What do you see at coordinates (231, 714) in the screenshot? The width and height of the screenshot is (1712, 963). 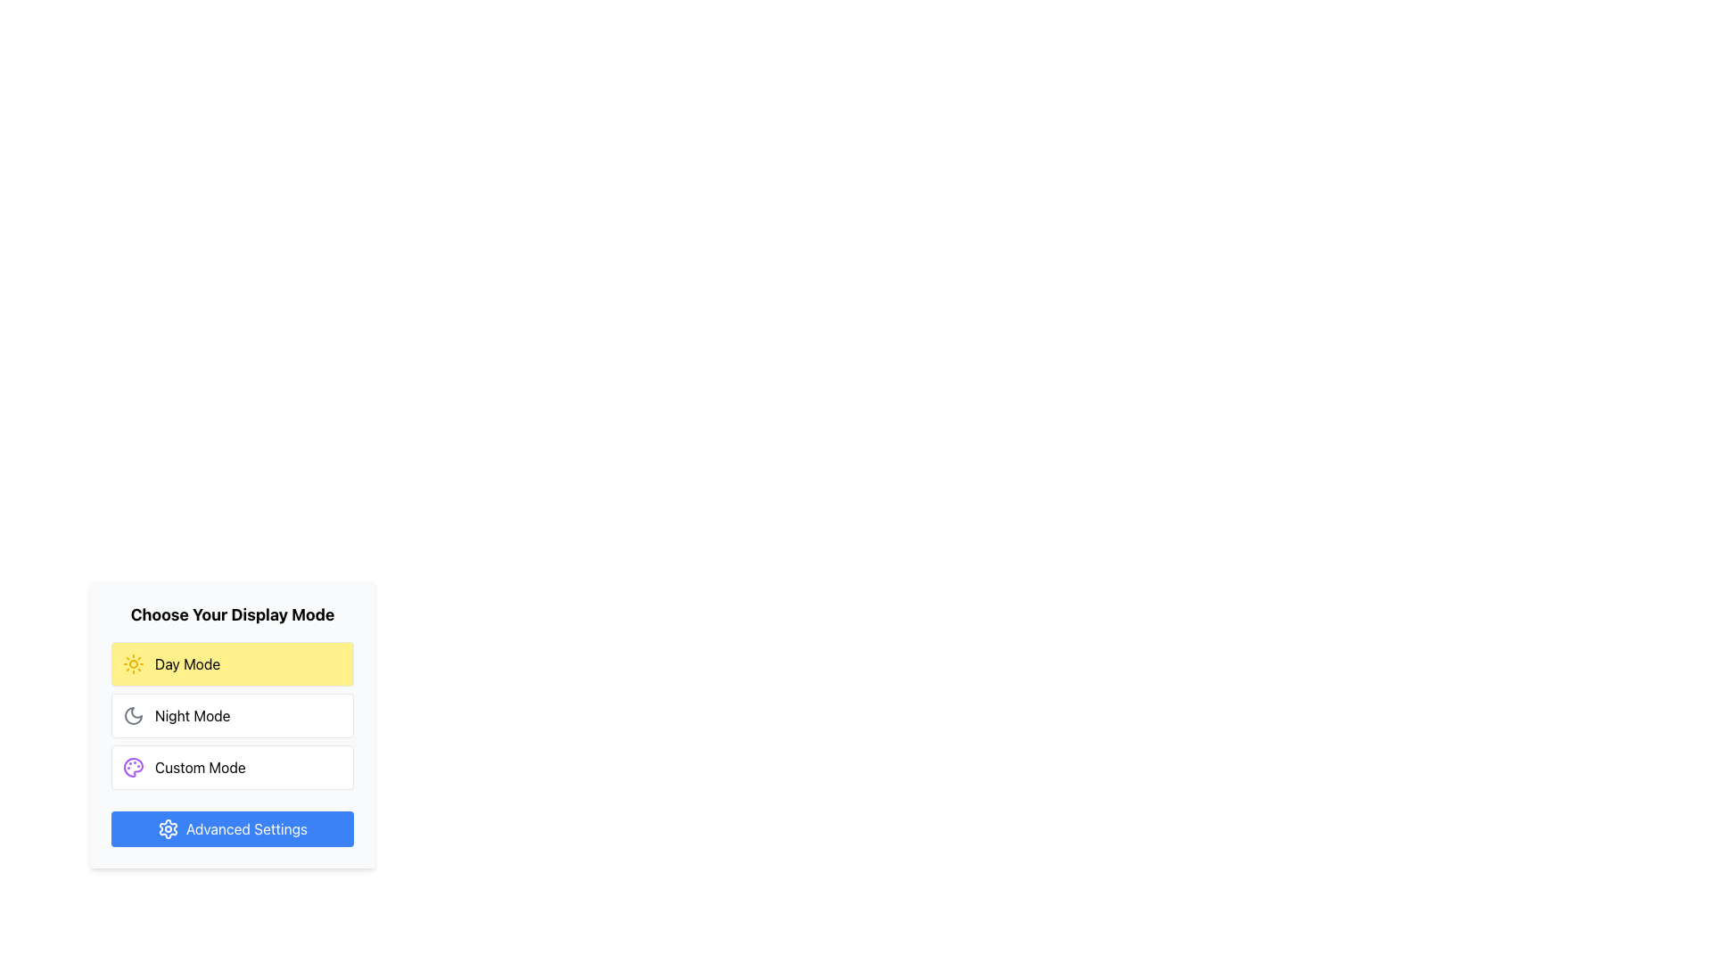 I see `the 'Night Mode' button in the Interactive Group of display modes, which is the second component below the title 'Choose Your Display Mode'` at bounding box center [231, 714].